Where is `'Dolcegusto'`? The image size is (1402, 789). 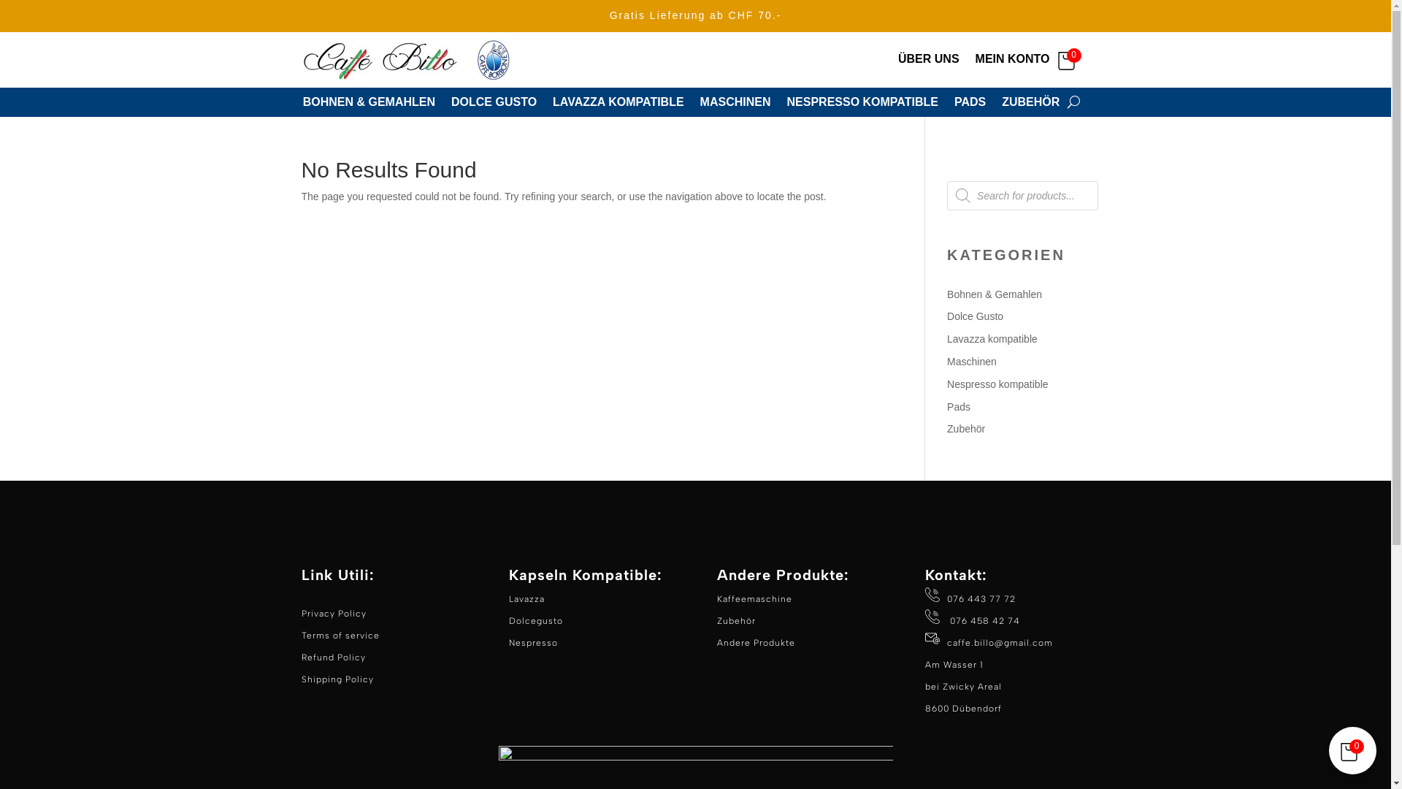
'Dolcegusto' is located at coordinates (535, 620).